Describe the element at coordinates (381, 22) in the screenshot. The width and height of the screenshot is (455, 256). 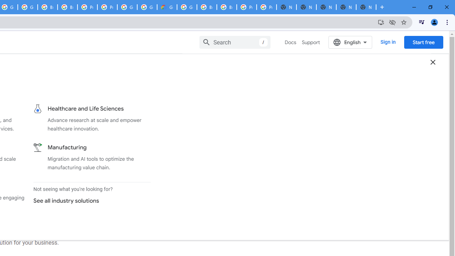
I see `'Install Google Cloud'` at that location.